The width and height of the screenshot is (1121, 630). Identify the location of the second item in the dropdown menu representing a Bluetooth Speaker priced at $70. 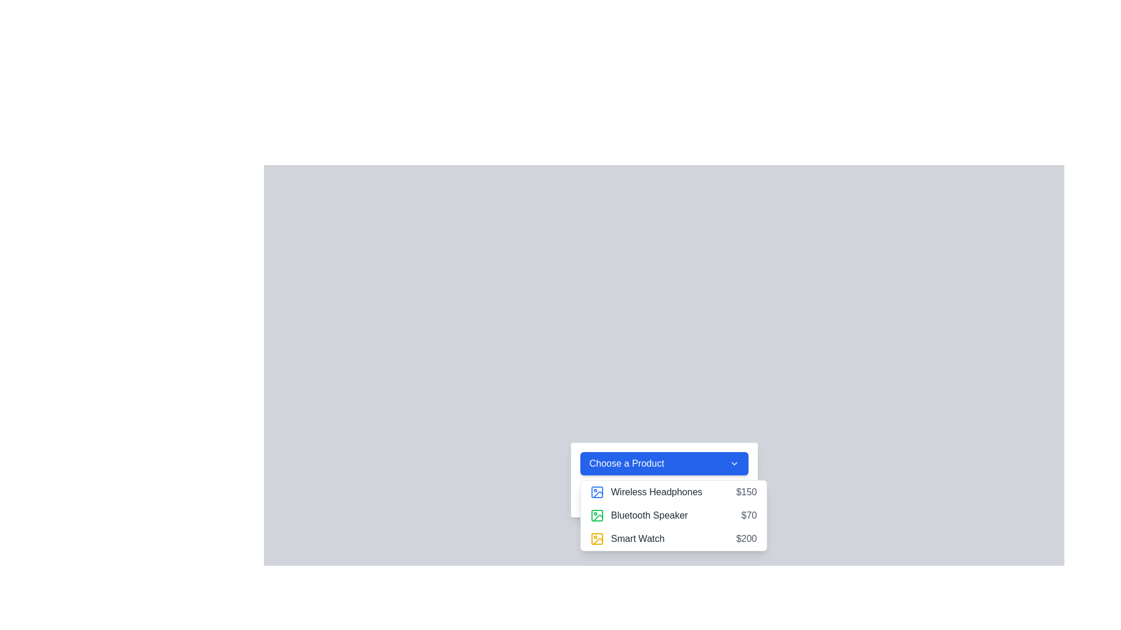
(673, 514).